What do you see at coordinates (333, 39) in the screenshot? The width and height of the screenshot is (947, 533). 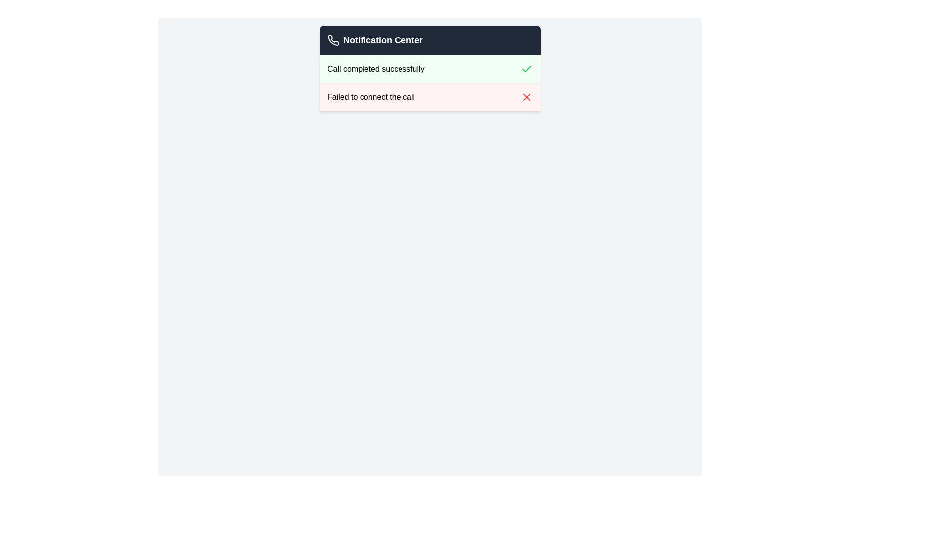 I see `the phone icon located within the dark-blue rectangular bar, positioned to the left of the 'Notification Center' text in the notification panel` at bounding box center [333, 39].